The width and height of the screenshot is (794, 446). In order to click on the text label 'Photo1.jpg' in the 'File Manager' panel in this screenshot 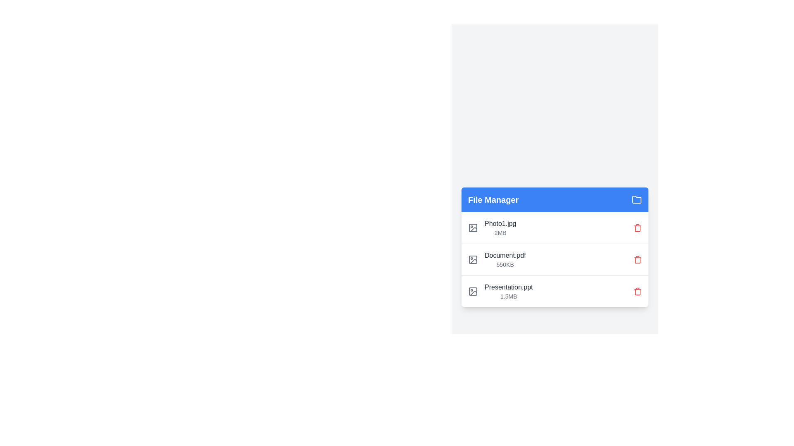, I will do `click(500, 228)`.